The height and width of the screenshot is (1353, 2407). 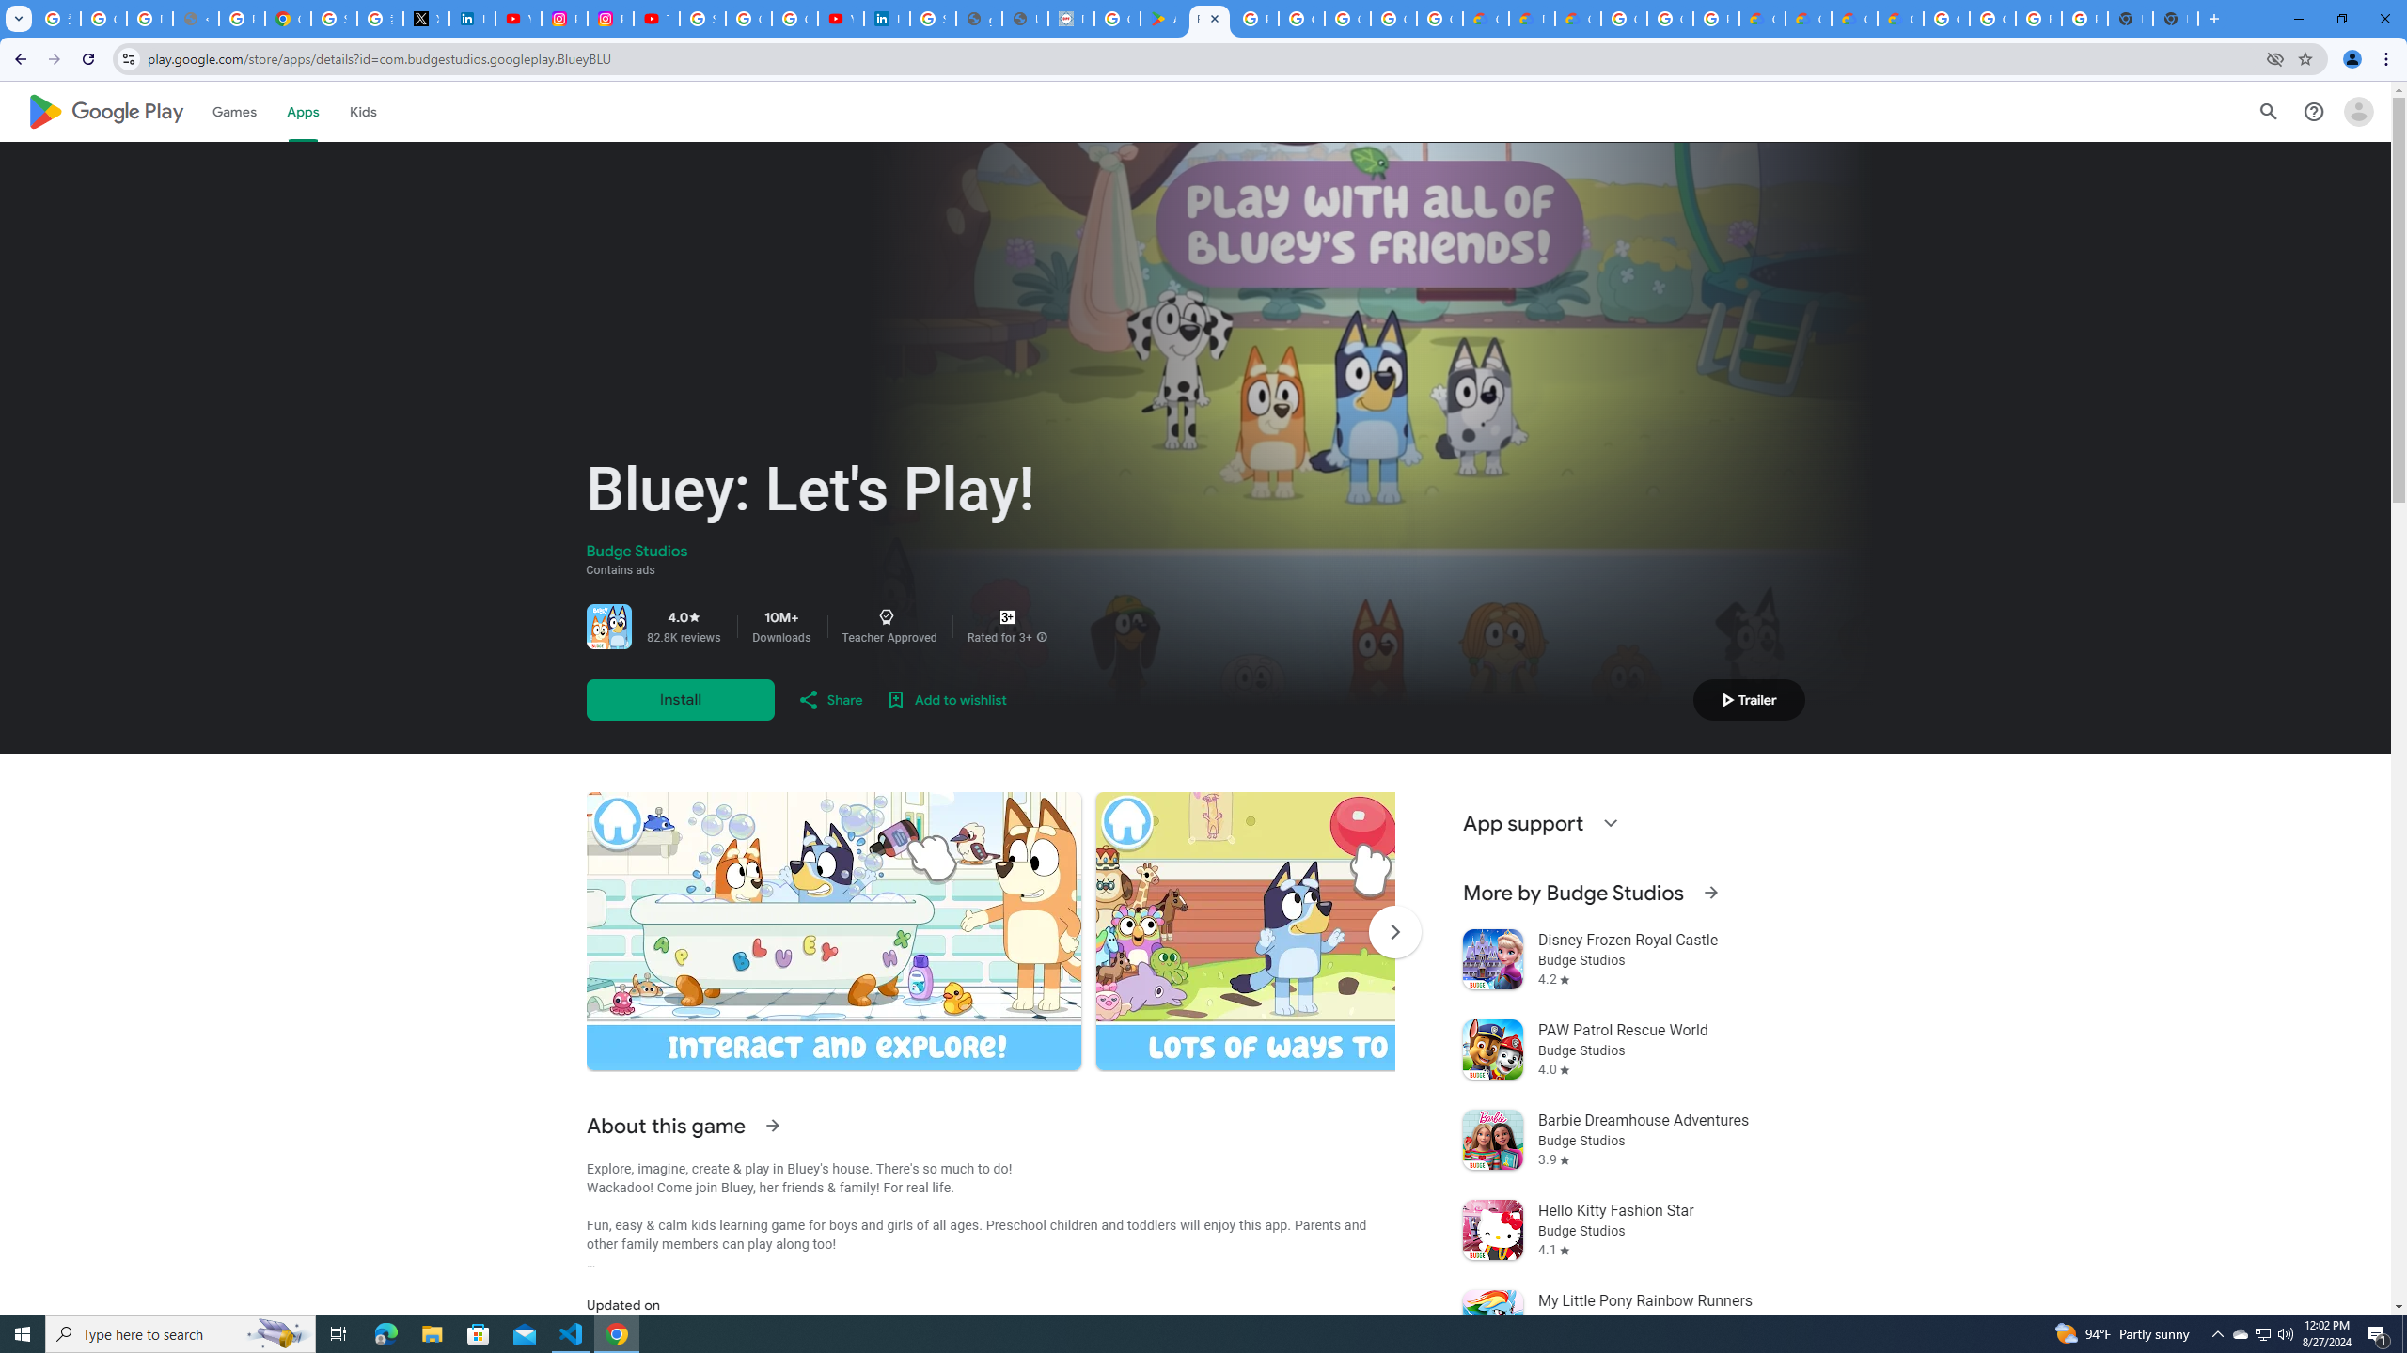 I want to click on 'Open account menu', so click(x=2357, y=111).